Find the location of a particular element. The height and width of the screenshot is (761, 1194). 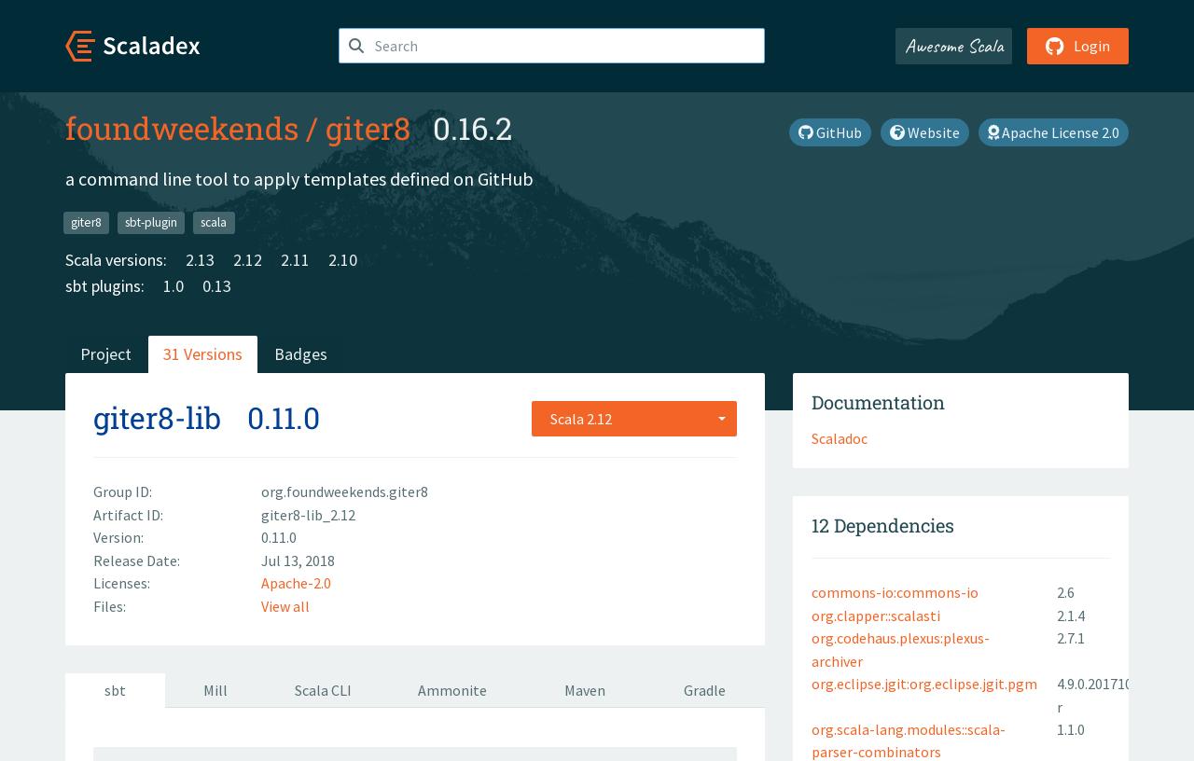

'commons-io:commons-io' is located at coordinates (894, 591).